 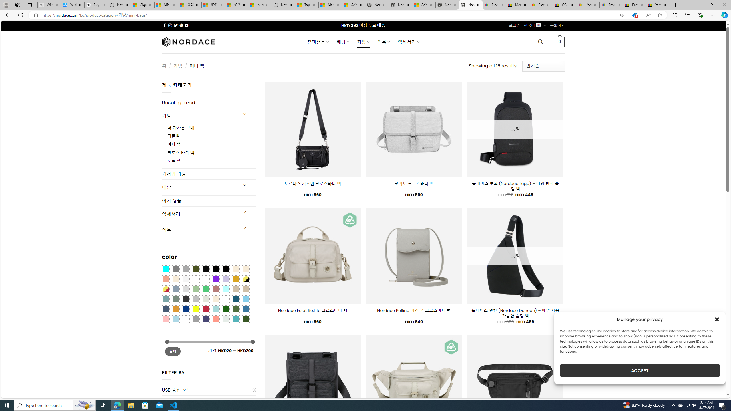 What do you see at coordinates (209, 103) in the screenshot?
I see `'Uncategorized'` at bounding box center [209, 103].